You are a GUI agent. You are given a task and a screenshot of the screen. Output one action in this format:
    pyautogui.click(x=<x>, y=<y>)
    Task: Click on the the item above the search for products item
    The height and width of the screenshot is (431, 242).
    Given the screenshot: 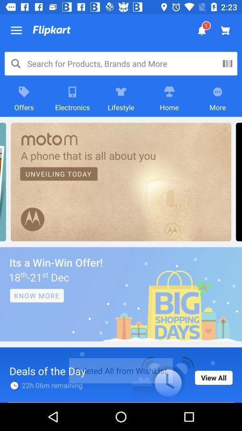 What is the action you would take?
    pyautogui.click(x=52, y=31)
    